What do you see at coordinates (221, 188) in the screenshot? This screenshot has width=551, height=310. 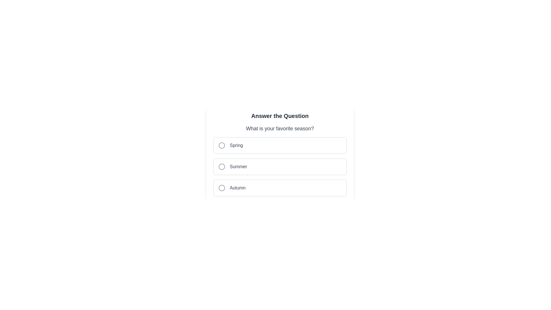 I see `the circular radio button selector for the 'Autumn' option` at bounding box center [221, 188].